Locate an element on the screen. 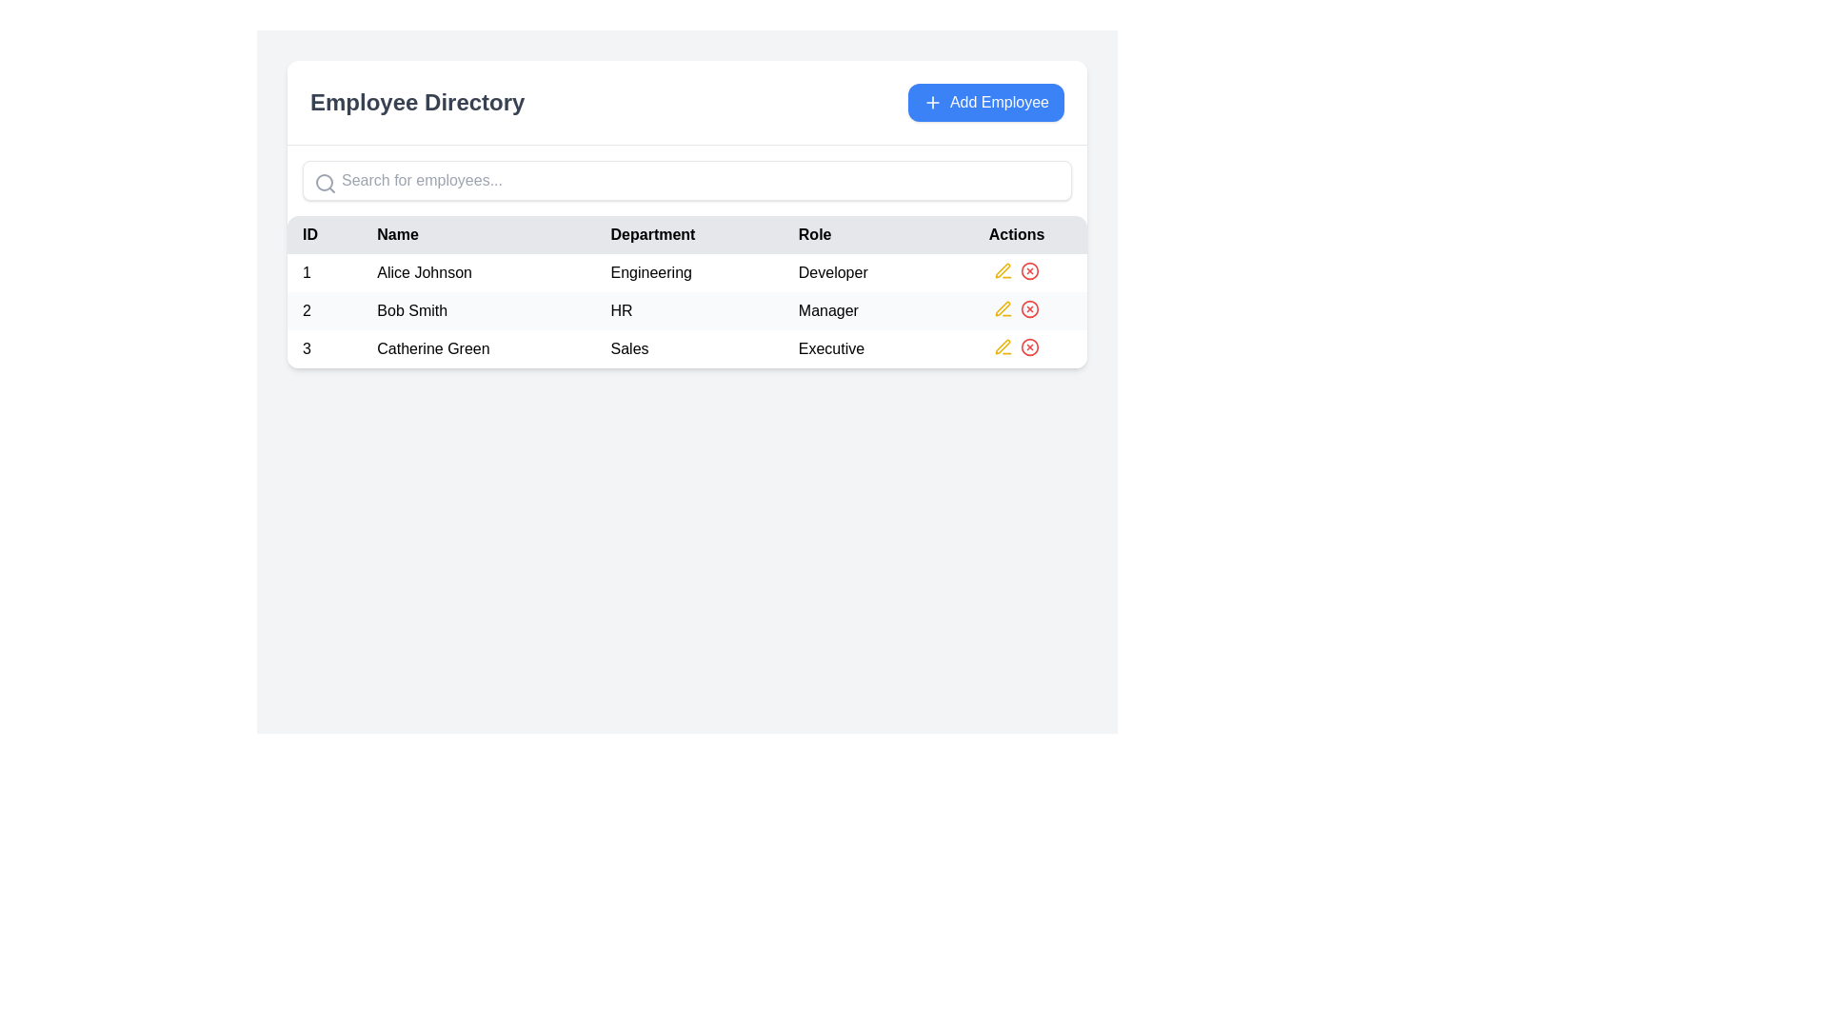 Image resolution: width=1828 pixels, height=1028 pixels. the delete icon button located in the 'Actions' column of the third row in the 'Employee Directory' table to possibly reveal additional information is located at coordinates (1028, 347).